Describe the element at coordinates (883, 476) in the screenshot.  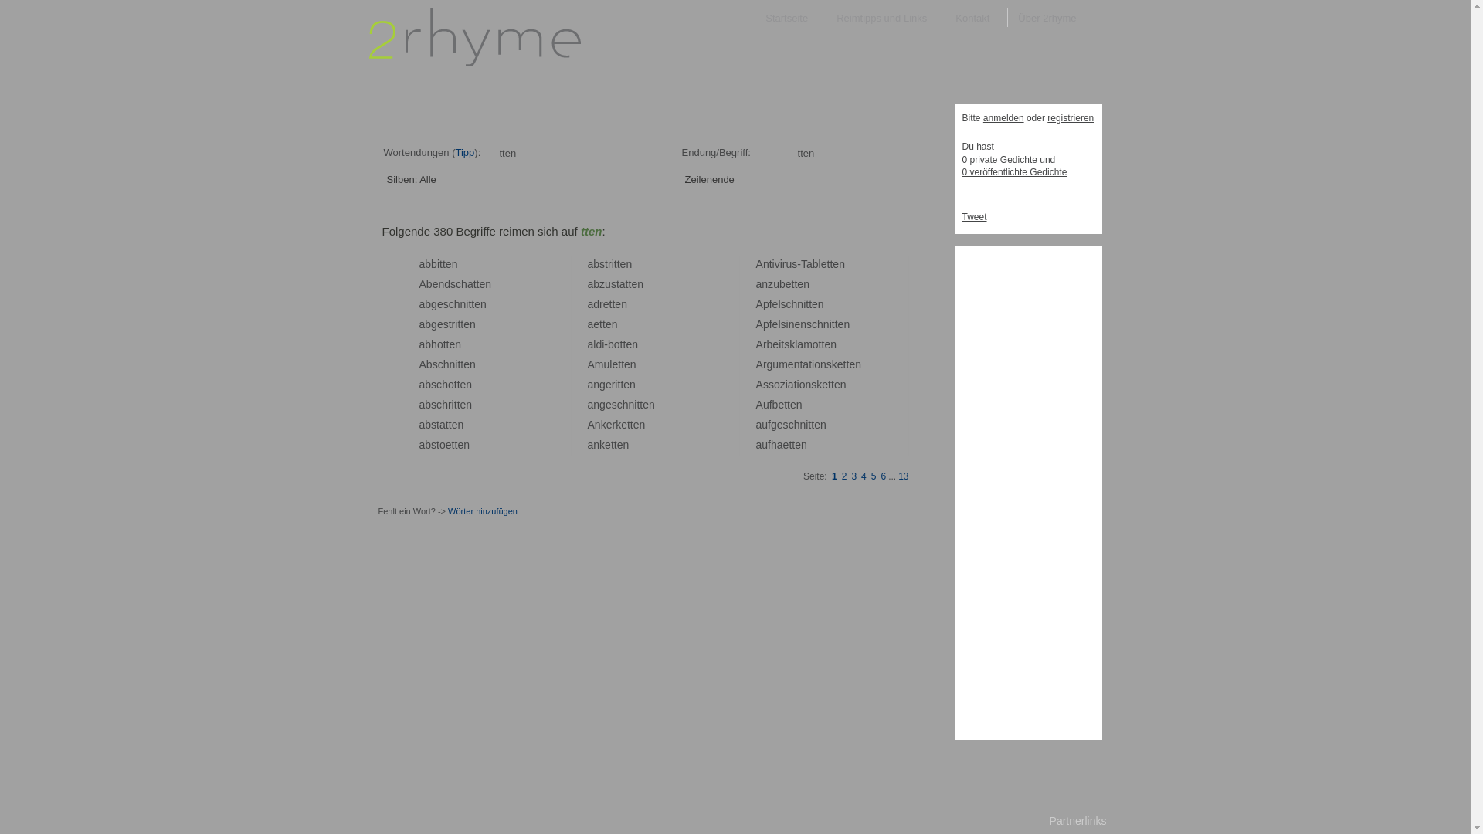
I see `'6'` at that location.